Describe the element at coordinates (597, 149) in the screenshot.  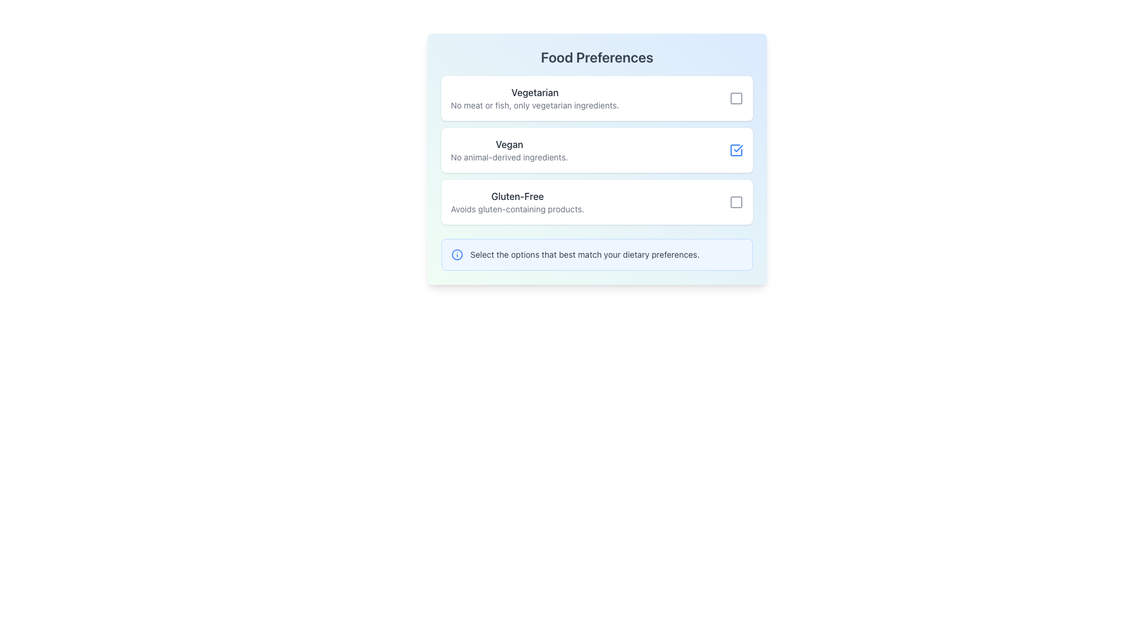
I see `the blue checkmark on the 'Vegan' selectable option` at that location.